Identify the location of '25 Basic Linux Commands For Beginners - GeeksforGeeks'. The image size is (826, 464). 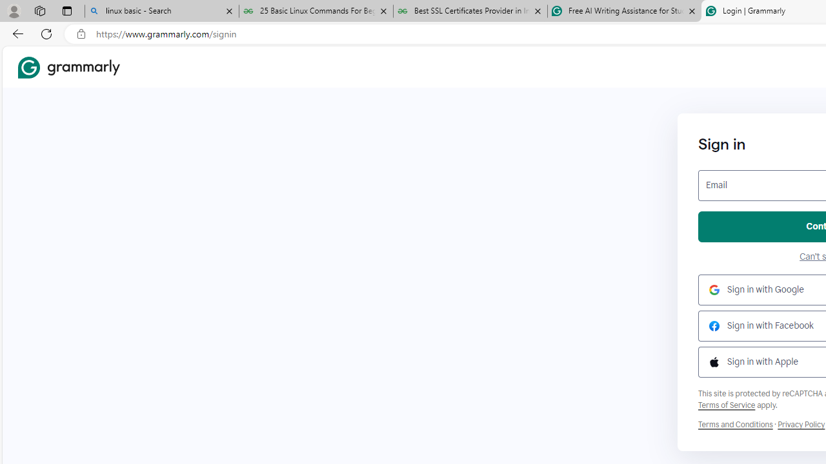
(316, 11).